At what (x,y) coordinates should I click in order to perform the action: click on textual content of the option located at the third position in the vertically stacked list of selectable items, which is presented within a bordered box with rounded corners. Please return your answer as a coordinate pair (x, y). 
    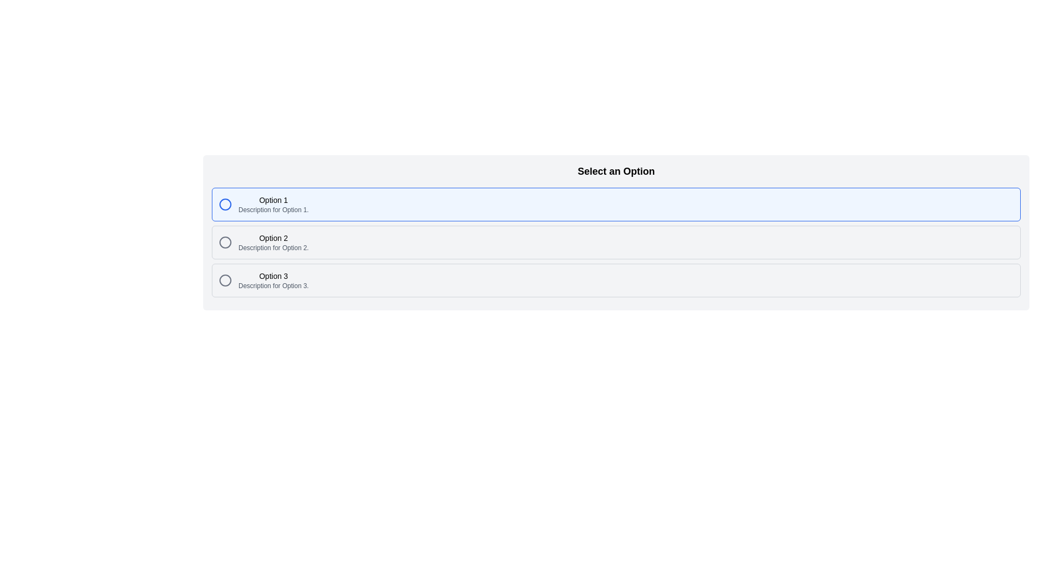
    Looking at the image, I should click on (273, 279).